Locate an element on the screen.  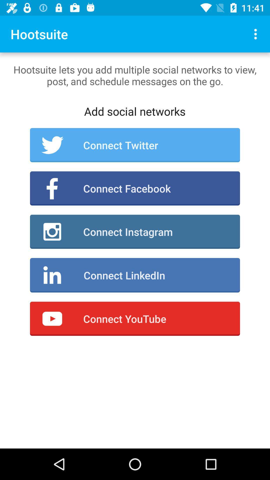
the icon to the right of the hootsuite app is located at coordinates (257, 34).